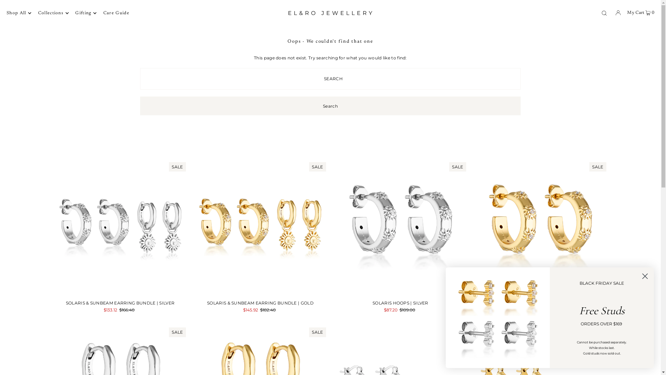  Describe the element at coordinates (85, 13) in the screenshot. I see `'Gifting'` at that location.